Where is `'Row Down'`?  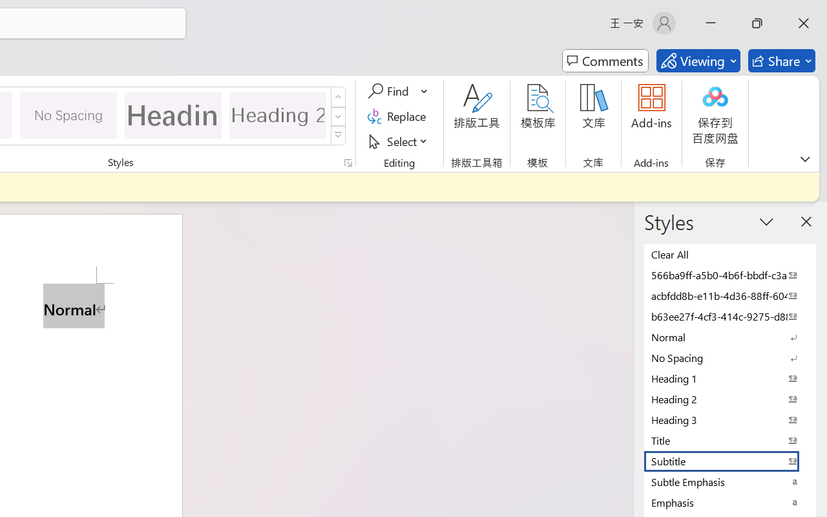 'Row Down' is located at coordinates (338, 116).